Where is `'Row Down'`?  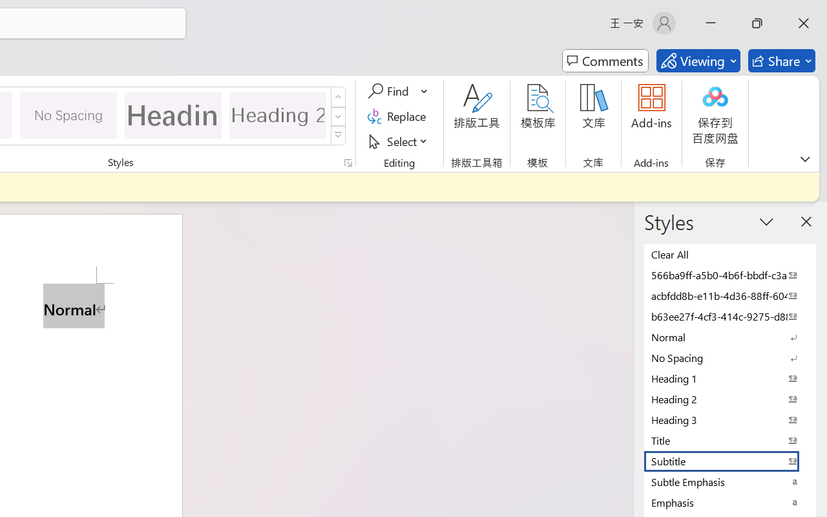 'Row Down' is located at coordinates (338, 116).